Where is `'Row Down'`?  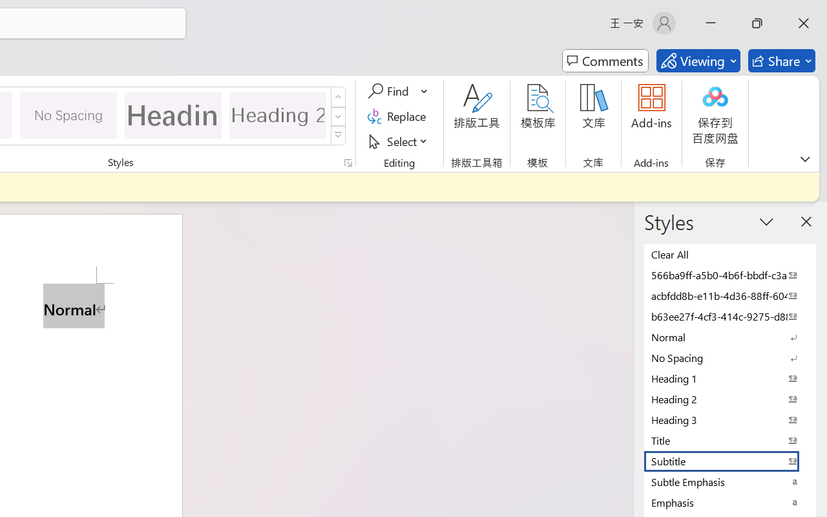 'Row Down' is located at coordinates (338, 116).